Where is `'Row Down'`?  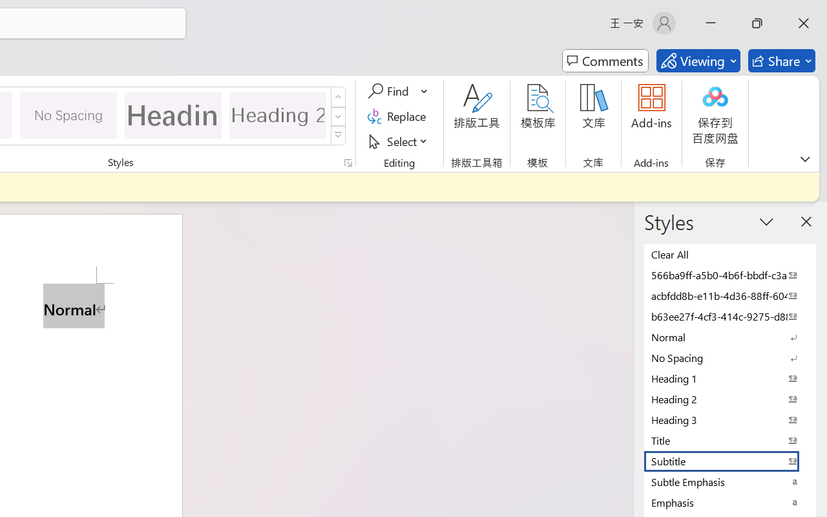 'Row Down' is located at coordinates (338, 116).